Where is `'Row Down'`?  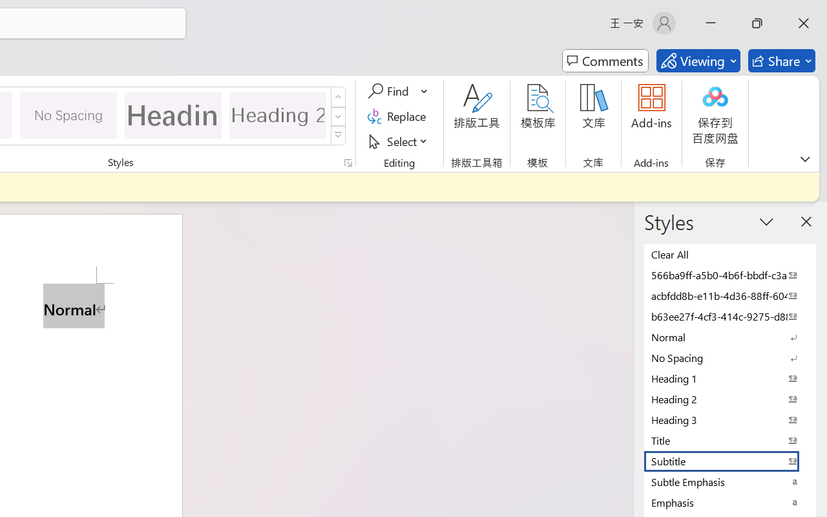 'Row Down' is located at coordinates (338, 116).